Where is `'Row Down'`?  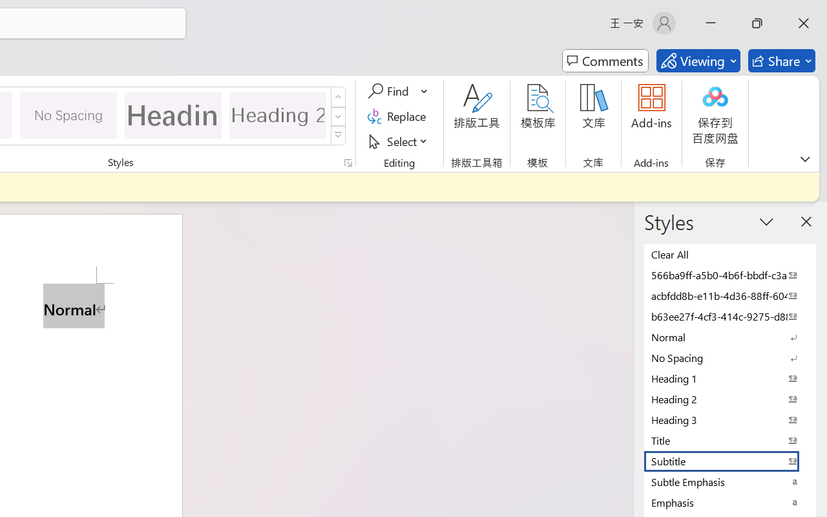 'Row Down' is located at coordinates (338, 116).